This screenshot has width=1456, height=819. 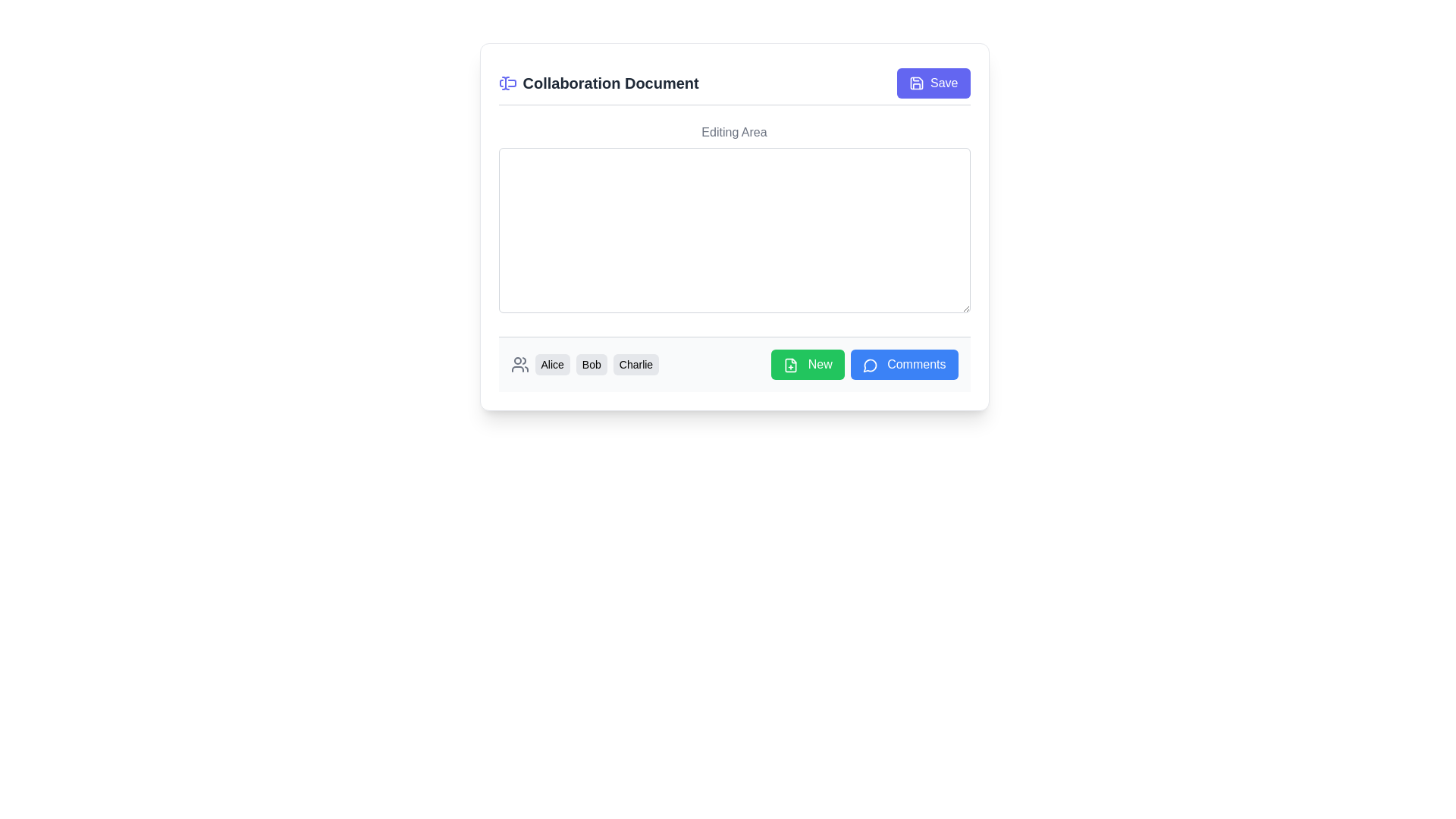 I want to click on the small blue outlined text cursor icon located to the left of the 'Collaboration Document' heading, so click(x=507, y=83).